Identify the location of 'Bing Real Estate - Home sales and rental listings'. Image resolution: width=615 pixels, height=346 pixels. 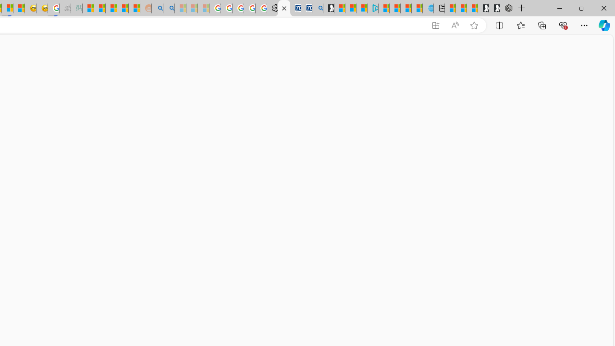
(318, 8).